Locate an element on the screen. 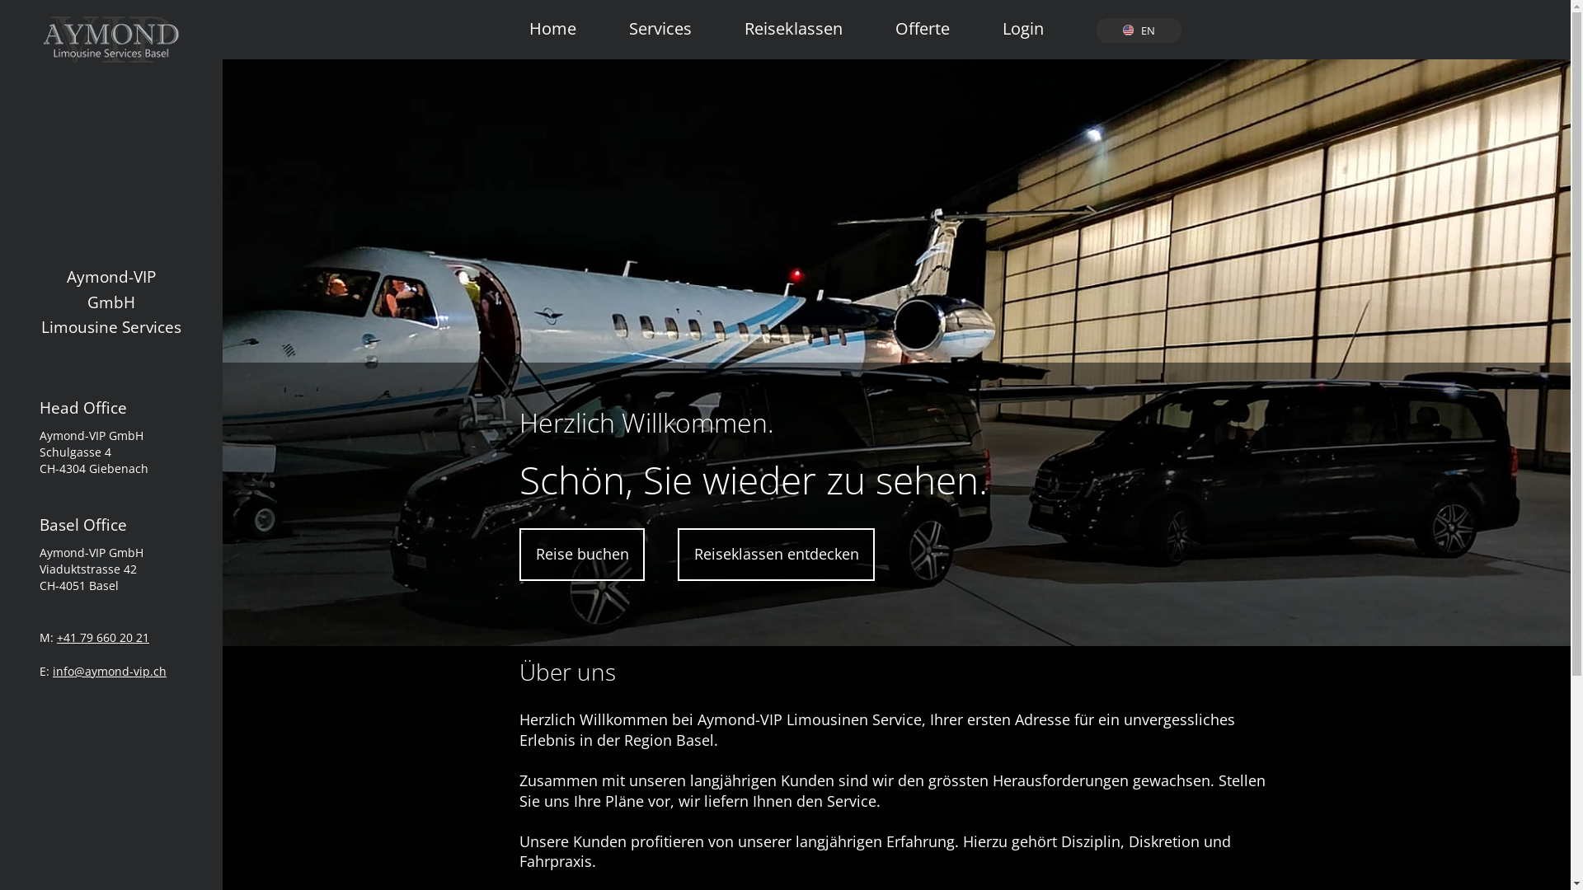  '+41 79 660 20 21' is located at coordinates (101, 636).